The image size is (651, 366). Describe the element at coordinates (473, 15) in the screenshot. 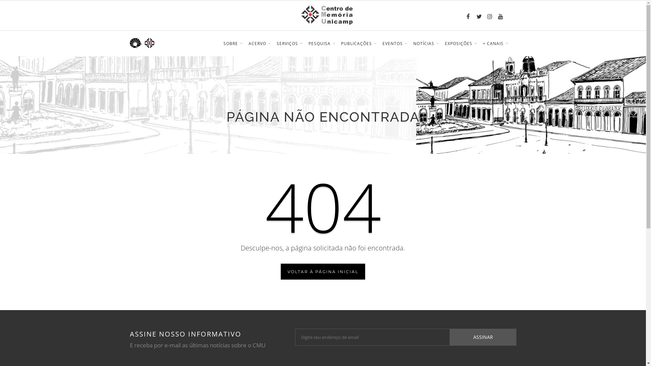

I see `'Twitter'` at that location.